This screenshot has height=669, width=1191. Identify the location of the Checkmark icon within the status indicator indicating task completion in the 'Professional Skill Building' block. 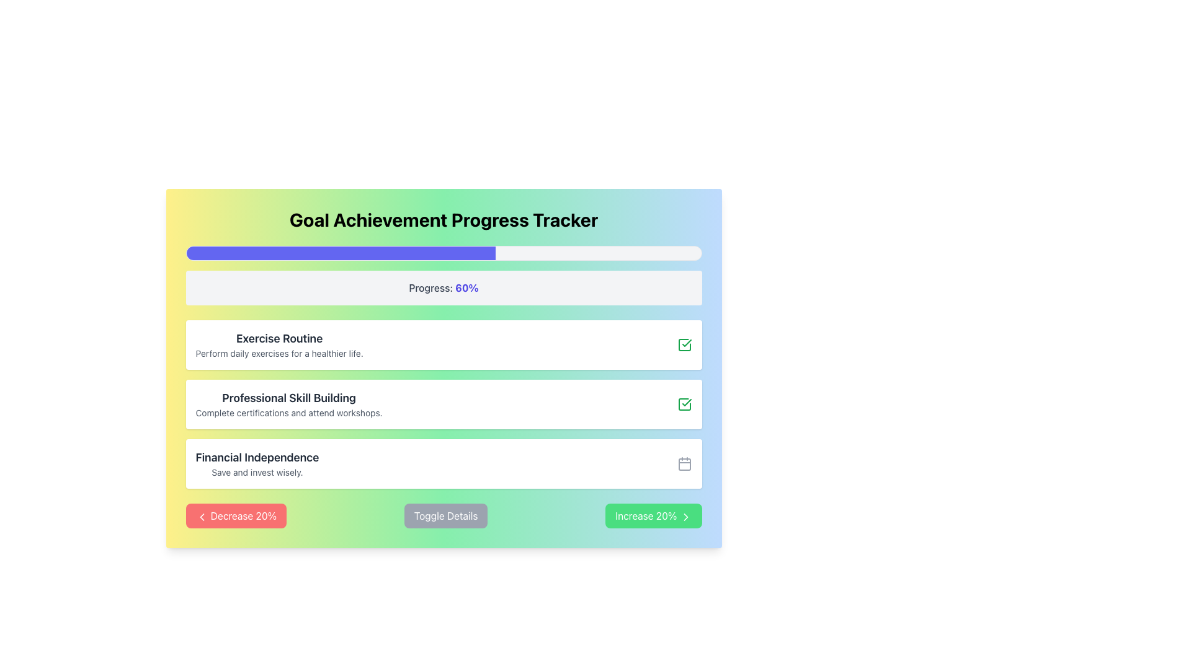
(686, 343).